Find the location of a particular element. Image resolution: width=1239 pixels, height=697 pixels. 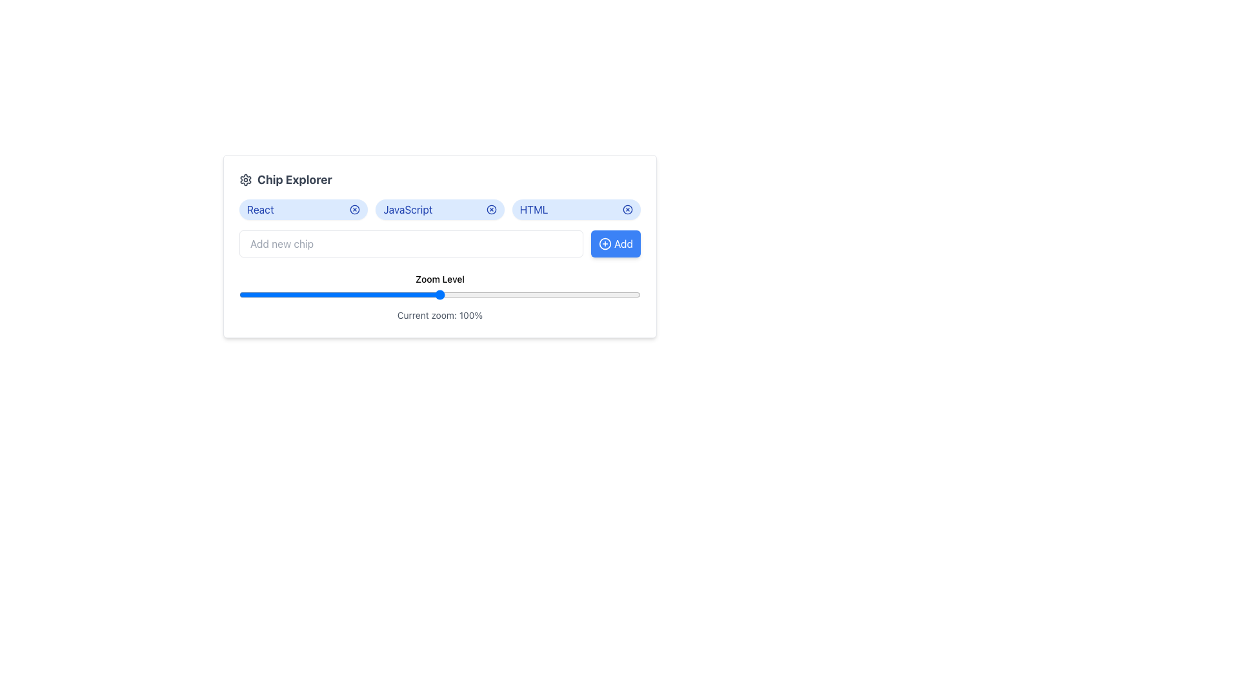

the small circular icon button with a cross design inside it, which is located to the right of the 'React' text in a pill-shaped label is located at coordinates (355, 208).